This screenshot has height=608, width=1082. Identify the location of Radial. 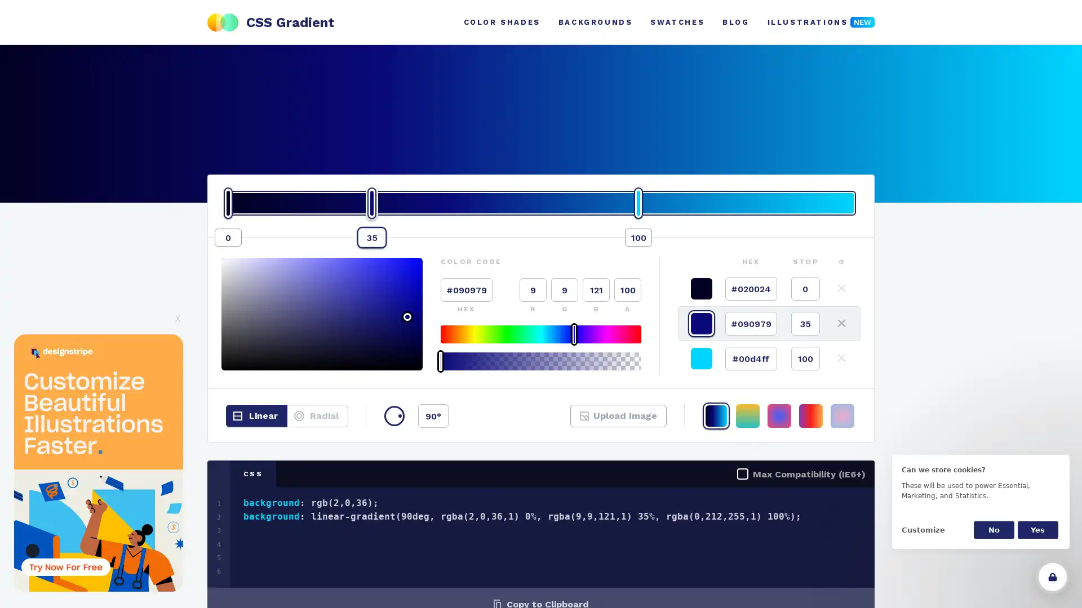
(317, 416).